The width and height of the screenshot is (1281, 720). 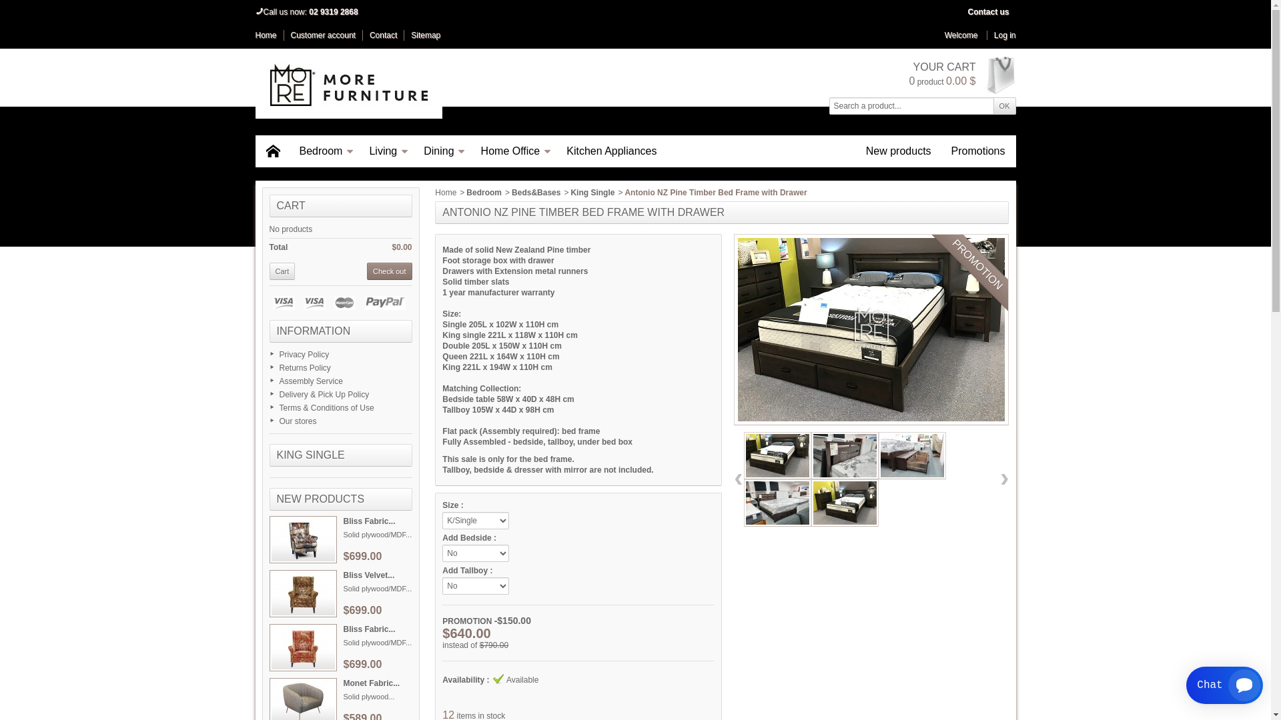 I want to click on 'More Furniture Pty Ltd', so click(x=348, y=85).